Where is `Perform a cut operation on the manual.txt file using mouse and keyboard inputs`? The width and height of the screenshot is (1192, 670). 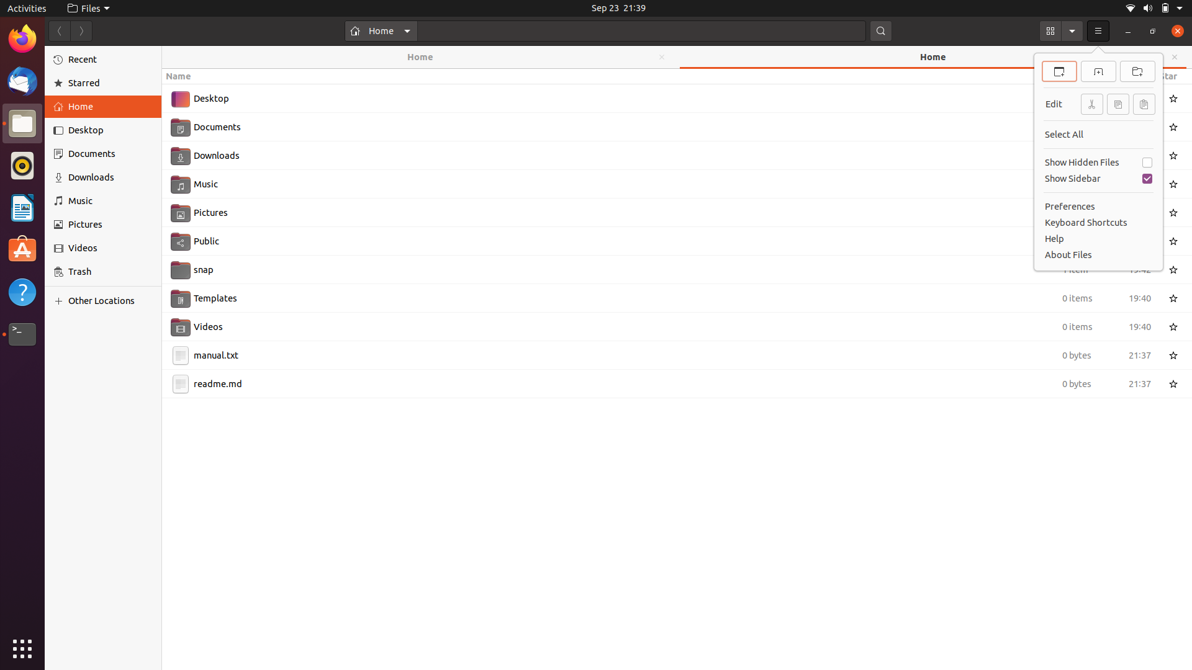
Perform a cut operation on the manual.txt file using mouse and keyboard inputs is located at coordinates (663, 354).